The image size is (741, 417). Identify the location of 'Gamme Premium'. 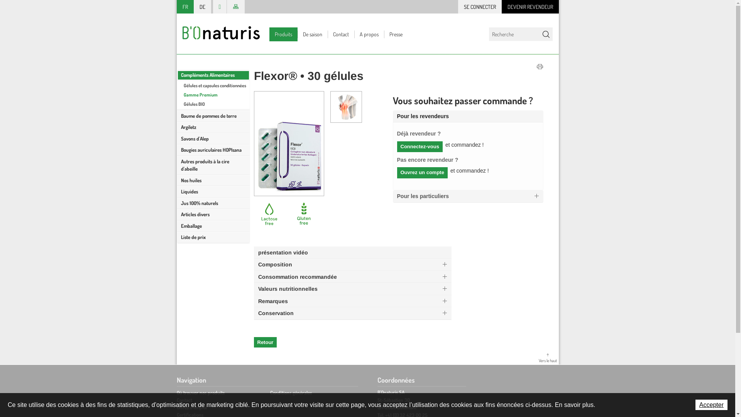
(213, 94).